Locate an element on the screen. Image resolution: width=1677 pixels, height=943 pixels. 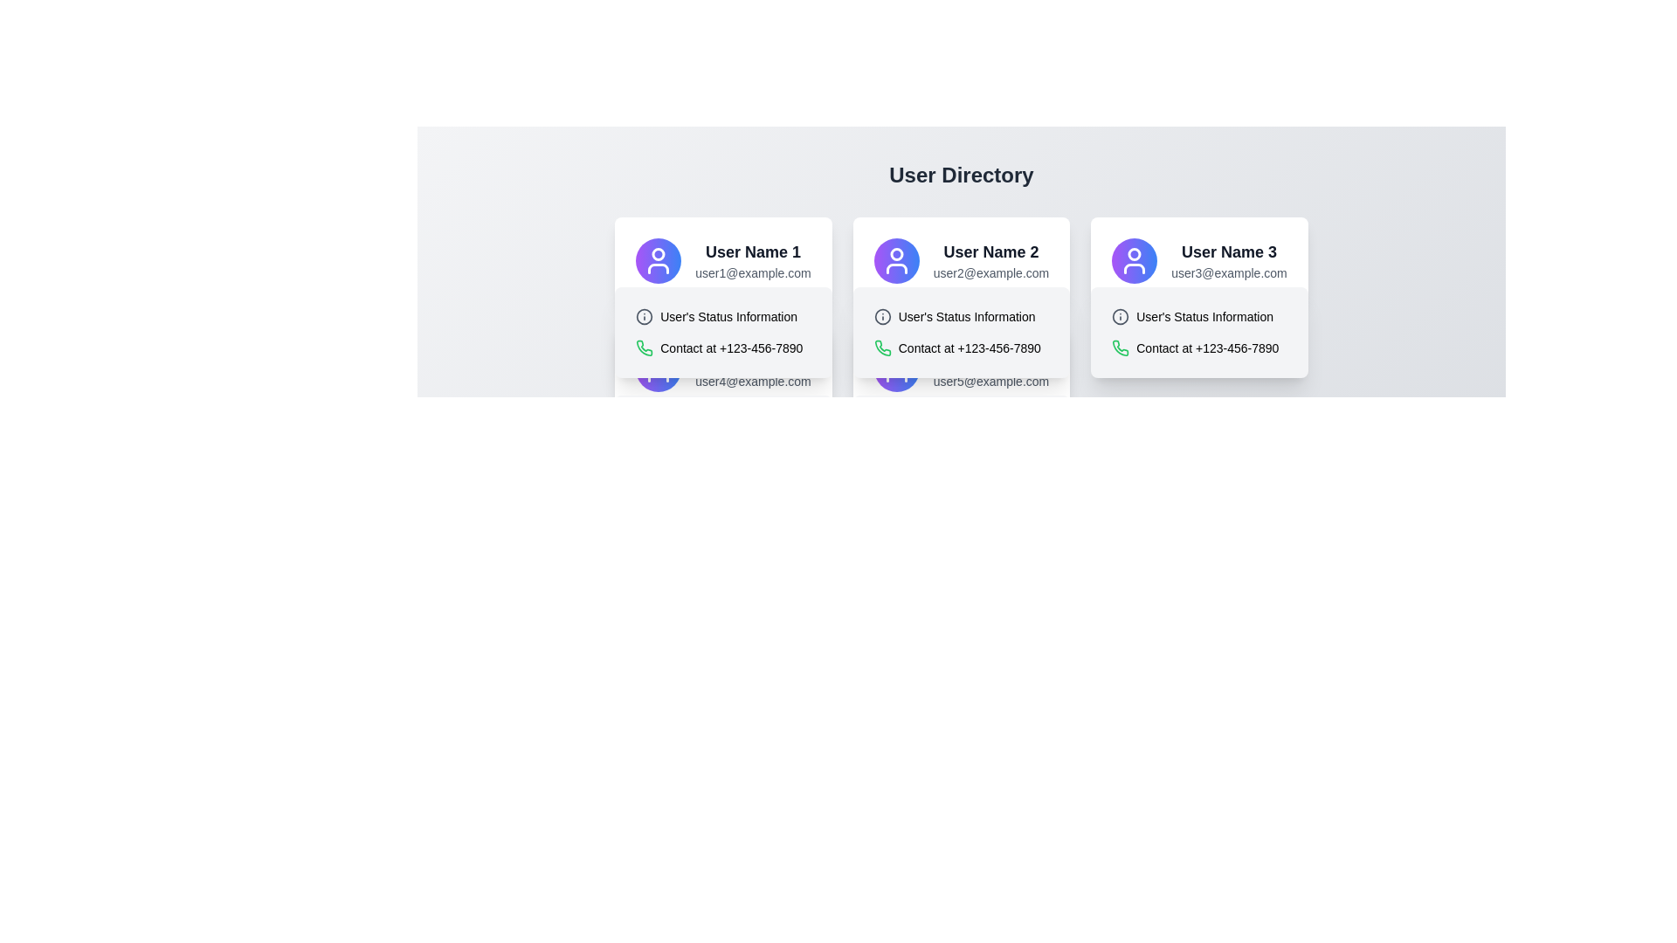
the user silhouette SVG icon with a circular gradient background located at the top of the first card, above the text 'User Name 1' is located at coordinates (658, 261).